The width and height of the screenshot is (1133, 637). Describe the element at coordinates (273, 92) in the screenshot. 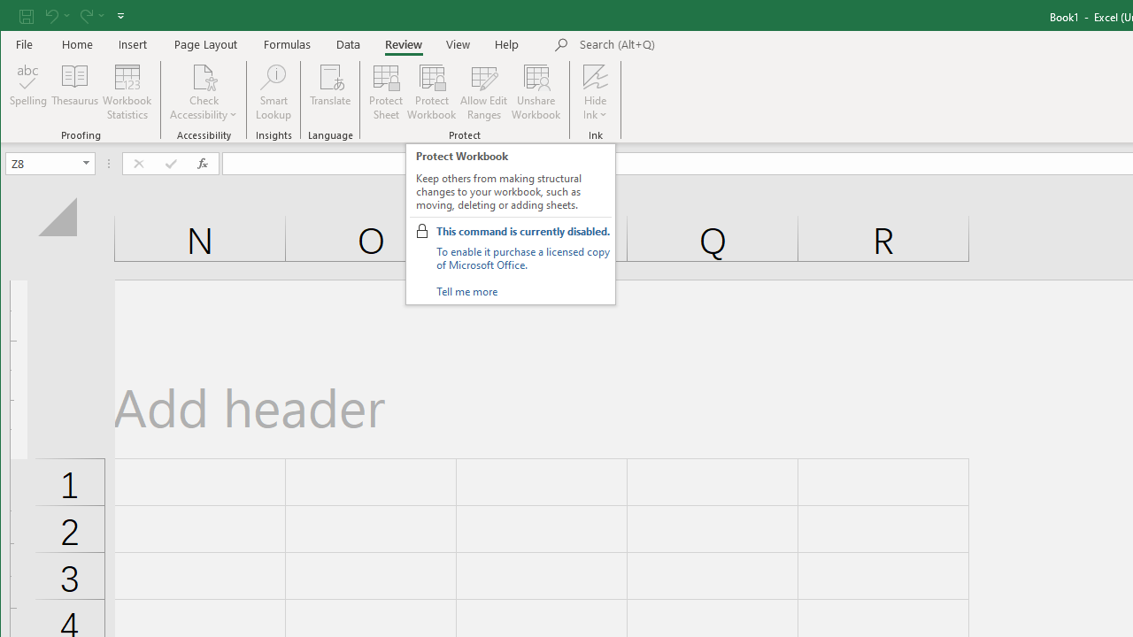

I see `'Smart Lookup'` at that location.